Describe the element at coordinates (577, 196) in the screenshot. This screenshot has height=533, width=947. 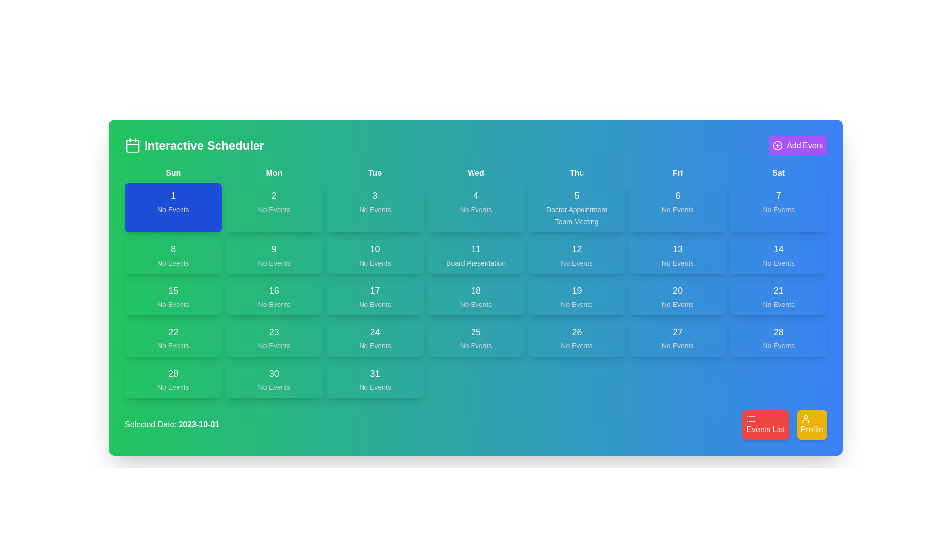
I see `the static text element displaying the number '5' which is prominently styled in white on a gradient blue background, centered at the top of the Thursday calendar day cell` at that location.